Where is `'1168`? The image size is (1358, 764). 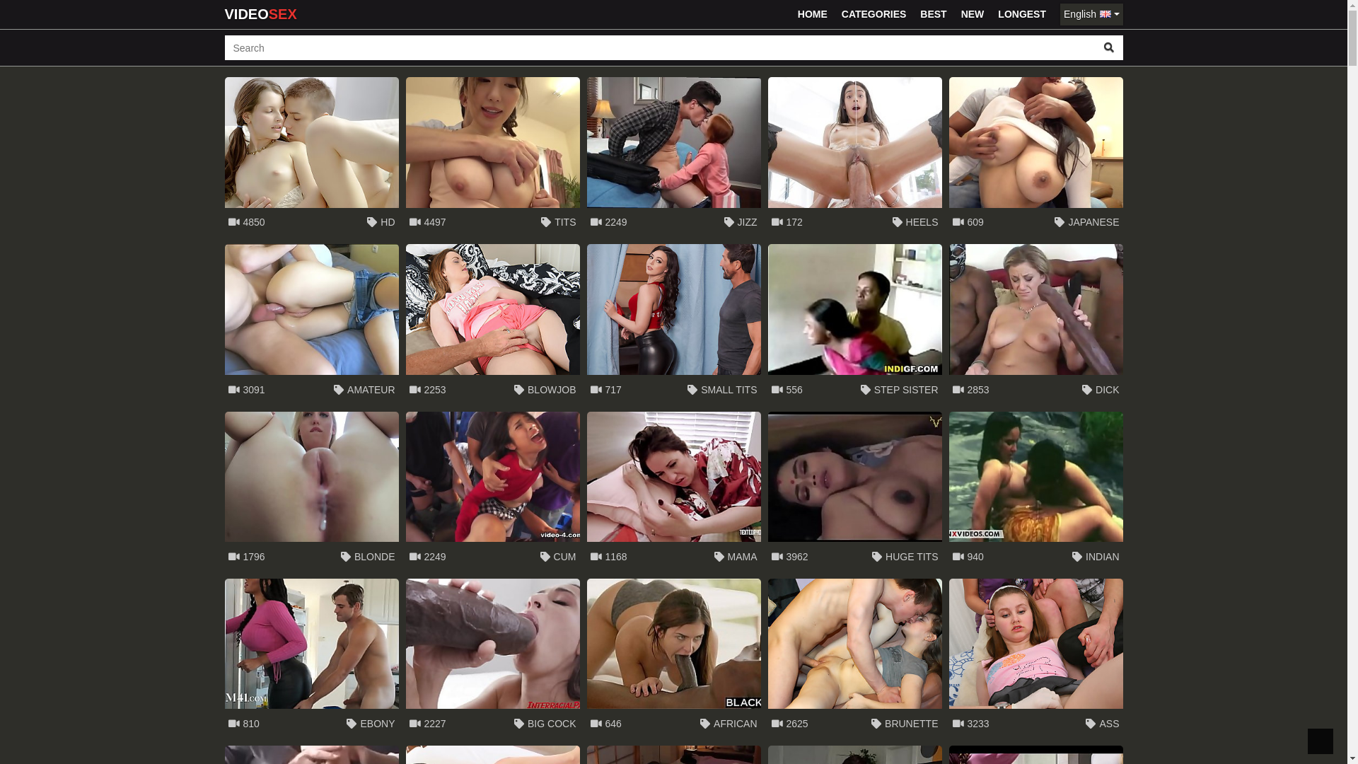 '1168 is located at coordinates (673, 490).